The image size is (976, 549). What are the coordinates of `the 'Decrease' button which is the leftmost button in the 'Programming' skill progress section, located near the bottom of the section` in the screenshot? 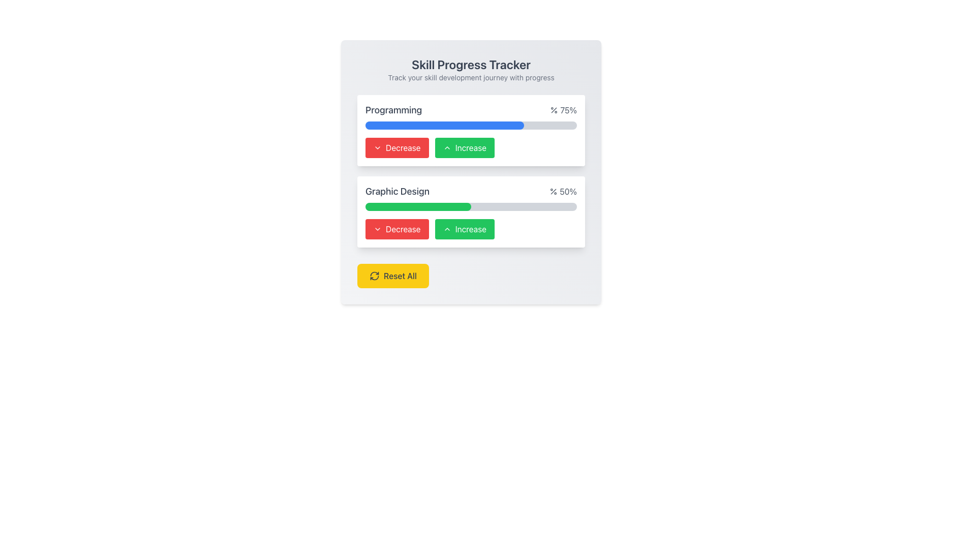 It's located at (396, 147).